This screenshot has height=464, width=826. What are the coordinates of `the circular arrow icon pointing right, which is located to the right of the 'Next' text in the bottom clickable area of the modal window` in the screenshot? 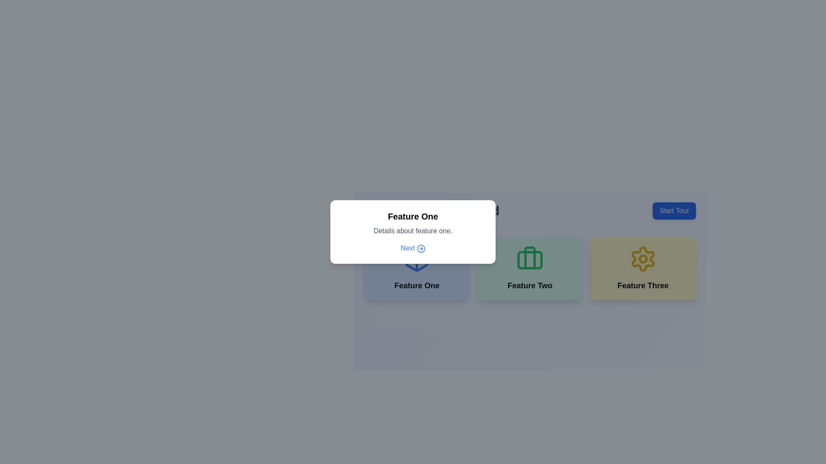 It's located at (421, 248).